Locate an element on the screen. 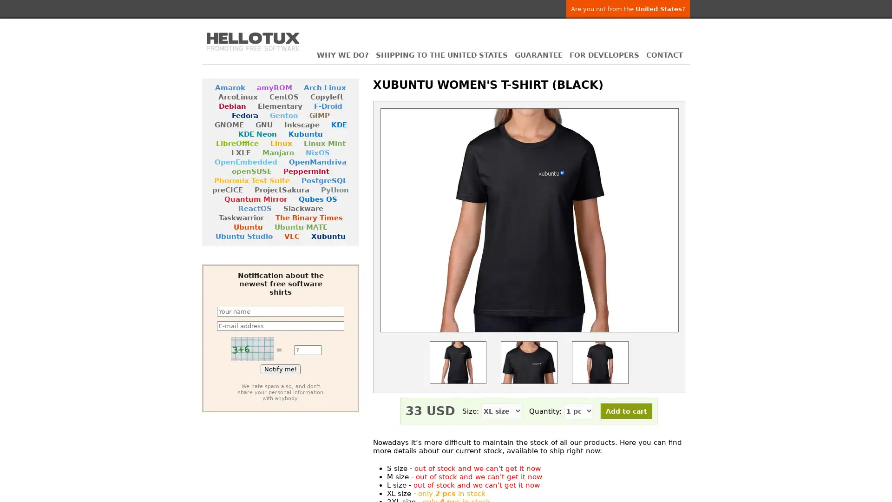 The height and width of the screenshot is (502, 892). Notify me! is located at coordinates (280, 369).